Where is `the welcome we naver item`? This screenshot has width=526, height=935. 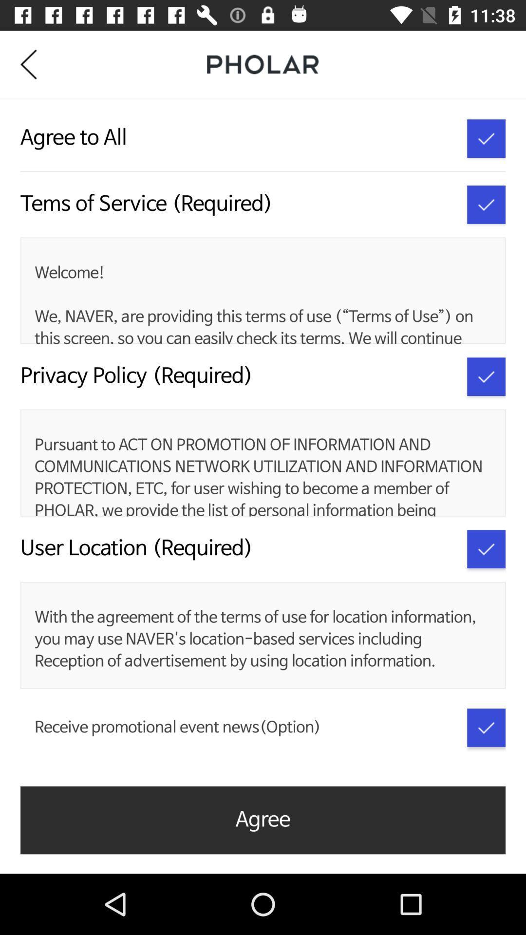 the welcome we naver item is located at coordinates (260, 303).